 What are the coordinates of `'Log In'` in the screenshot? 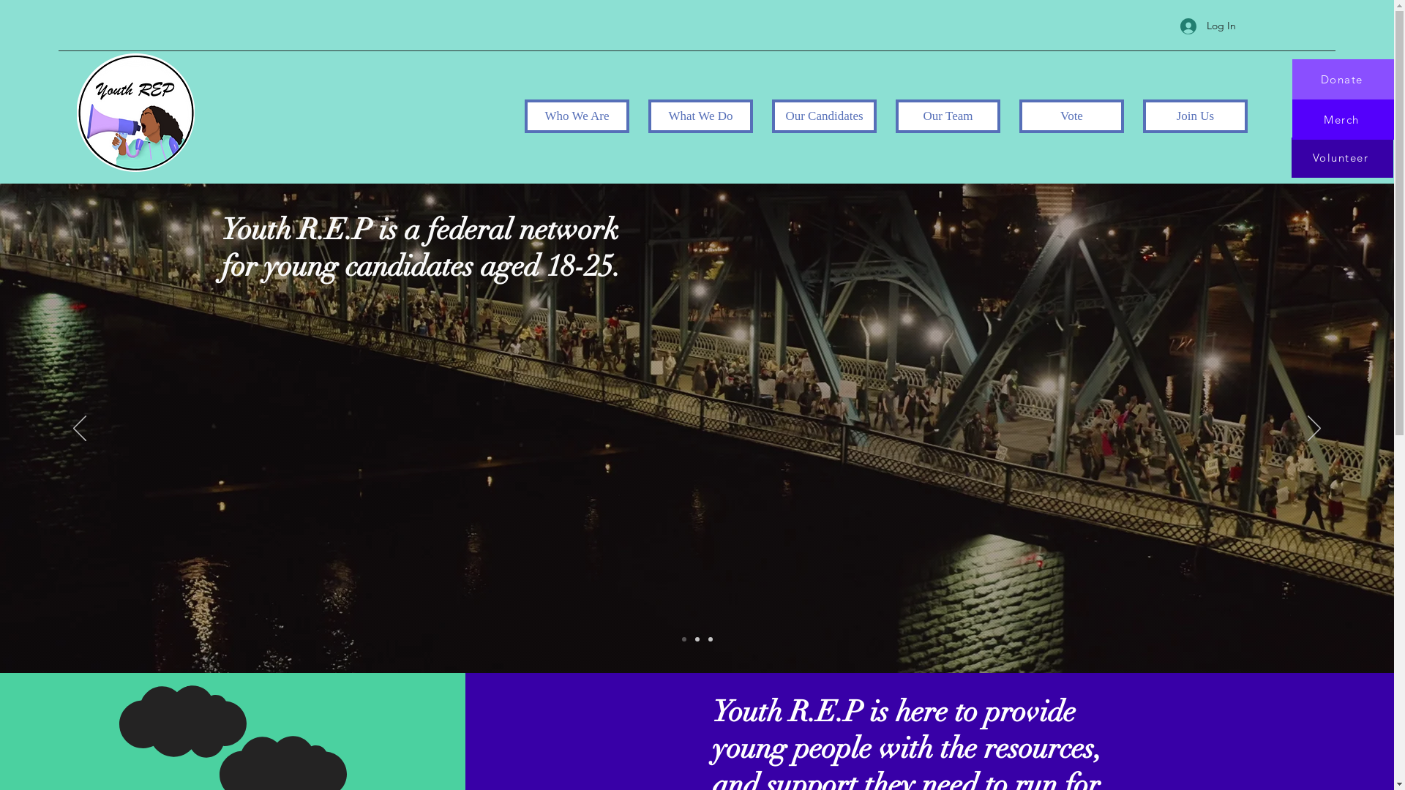 It's located at (1169, 26).